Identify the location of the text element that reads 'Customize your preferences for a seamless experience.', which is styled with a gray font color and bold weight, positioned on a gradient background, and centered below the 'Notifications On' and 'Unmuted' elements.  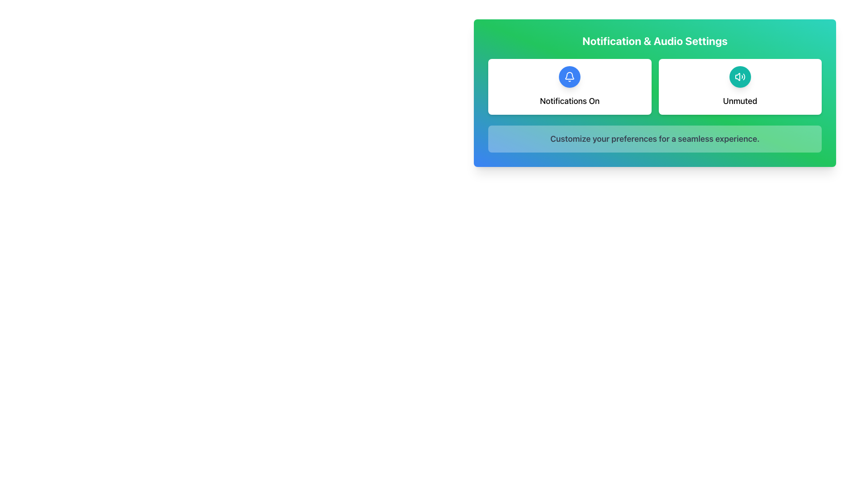
(655, 139).